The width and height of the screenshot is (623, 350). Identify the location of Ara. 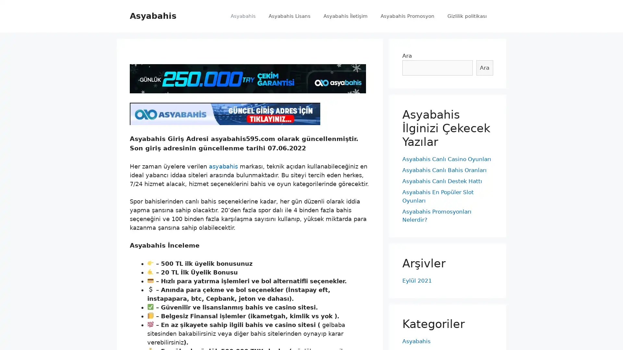
(484, 67).